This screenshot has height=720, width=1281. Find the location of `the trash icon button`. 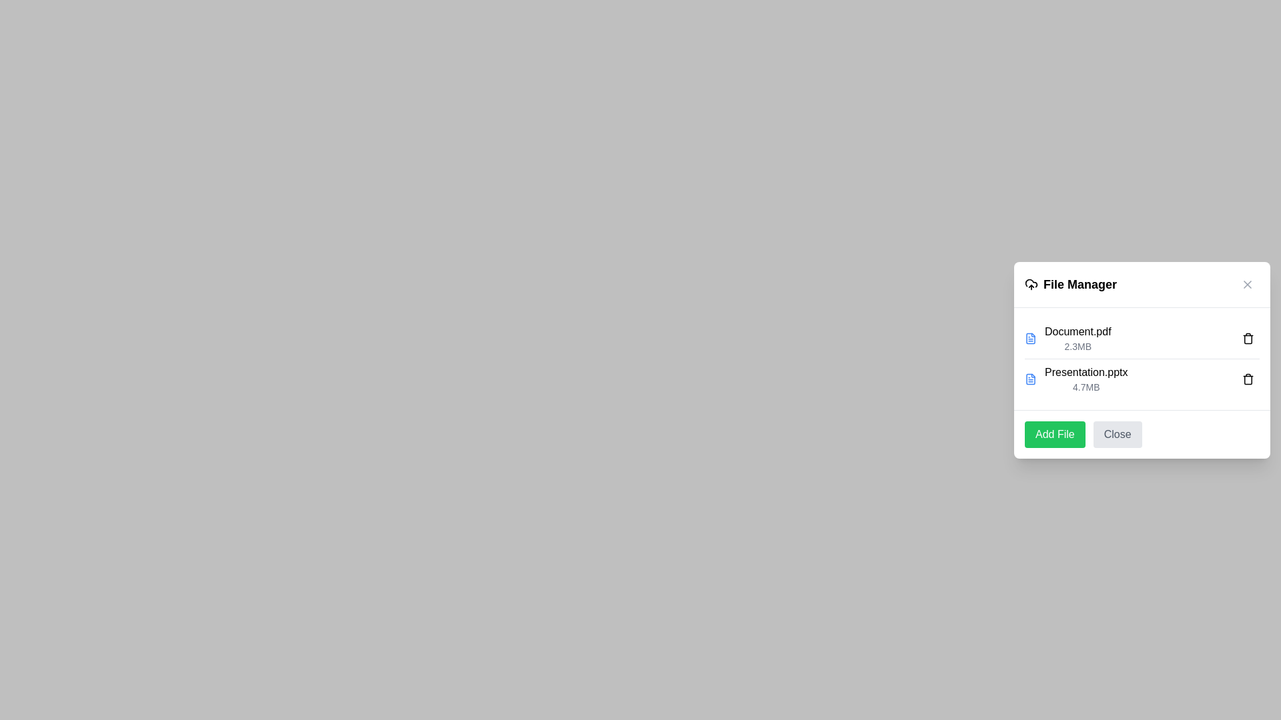

the trash icon button is located at coordinates (1248, 378).